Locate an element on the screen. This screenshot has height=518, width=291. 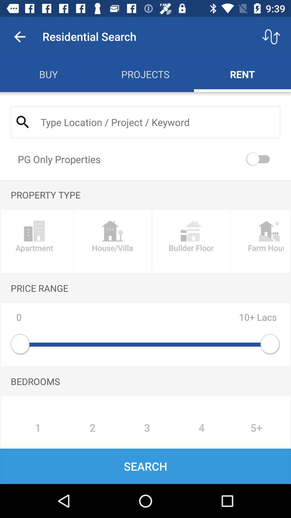
turn on is located at coordinates (259, 159).